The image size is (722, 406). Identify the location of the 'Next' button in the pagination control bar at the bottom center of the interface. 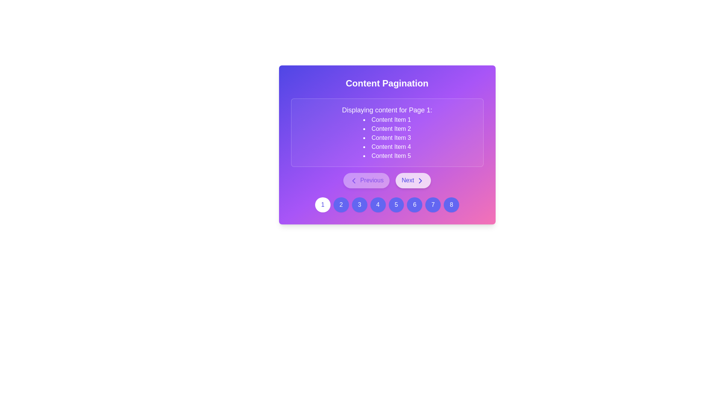
(413, 180).